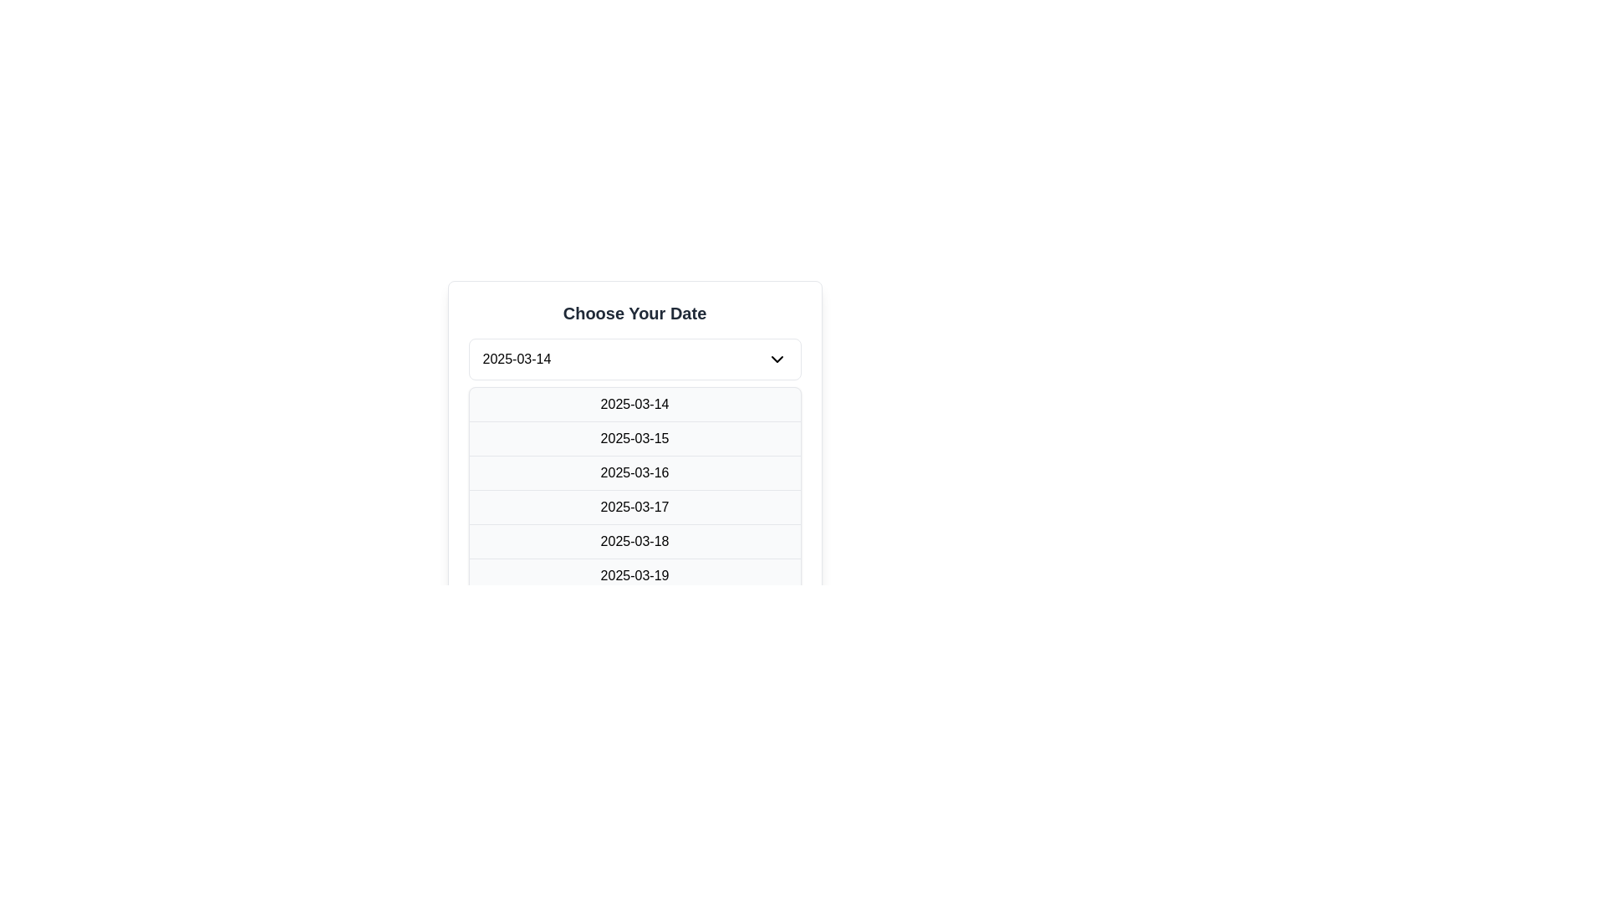  What do you see at coordinates (634, 437) in the screenshot?
I see `the text-based list item displaying '2025-03-15' which is the second item in a vertically stacked list within a dropdown menu` at bounding box center [634, 437].